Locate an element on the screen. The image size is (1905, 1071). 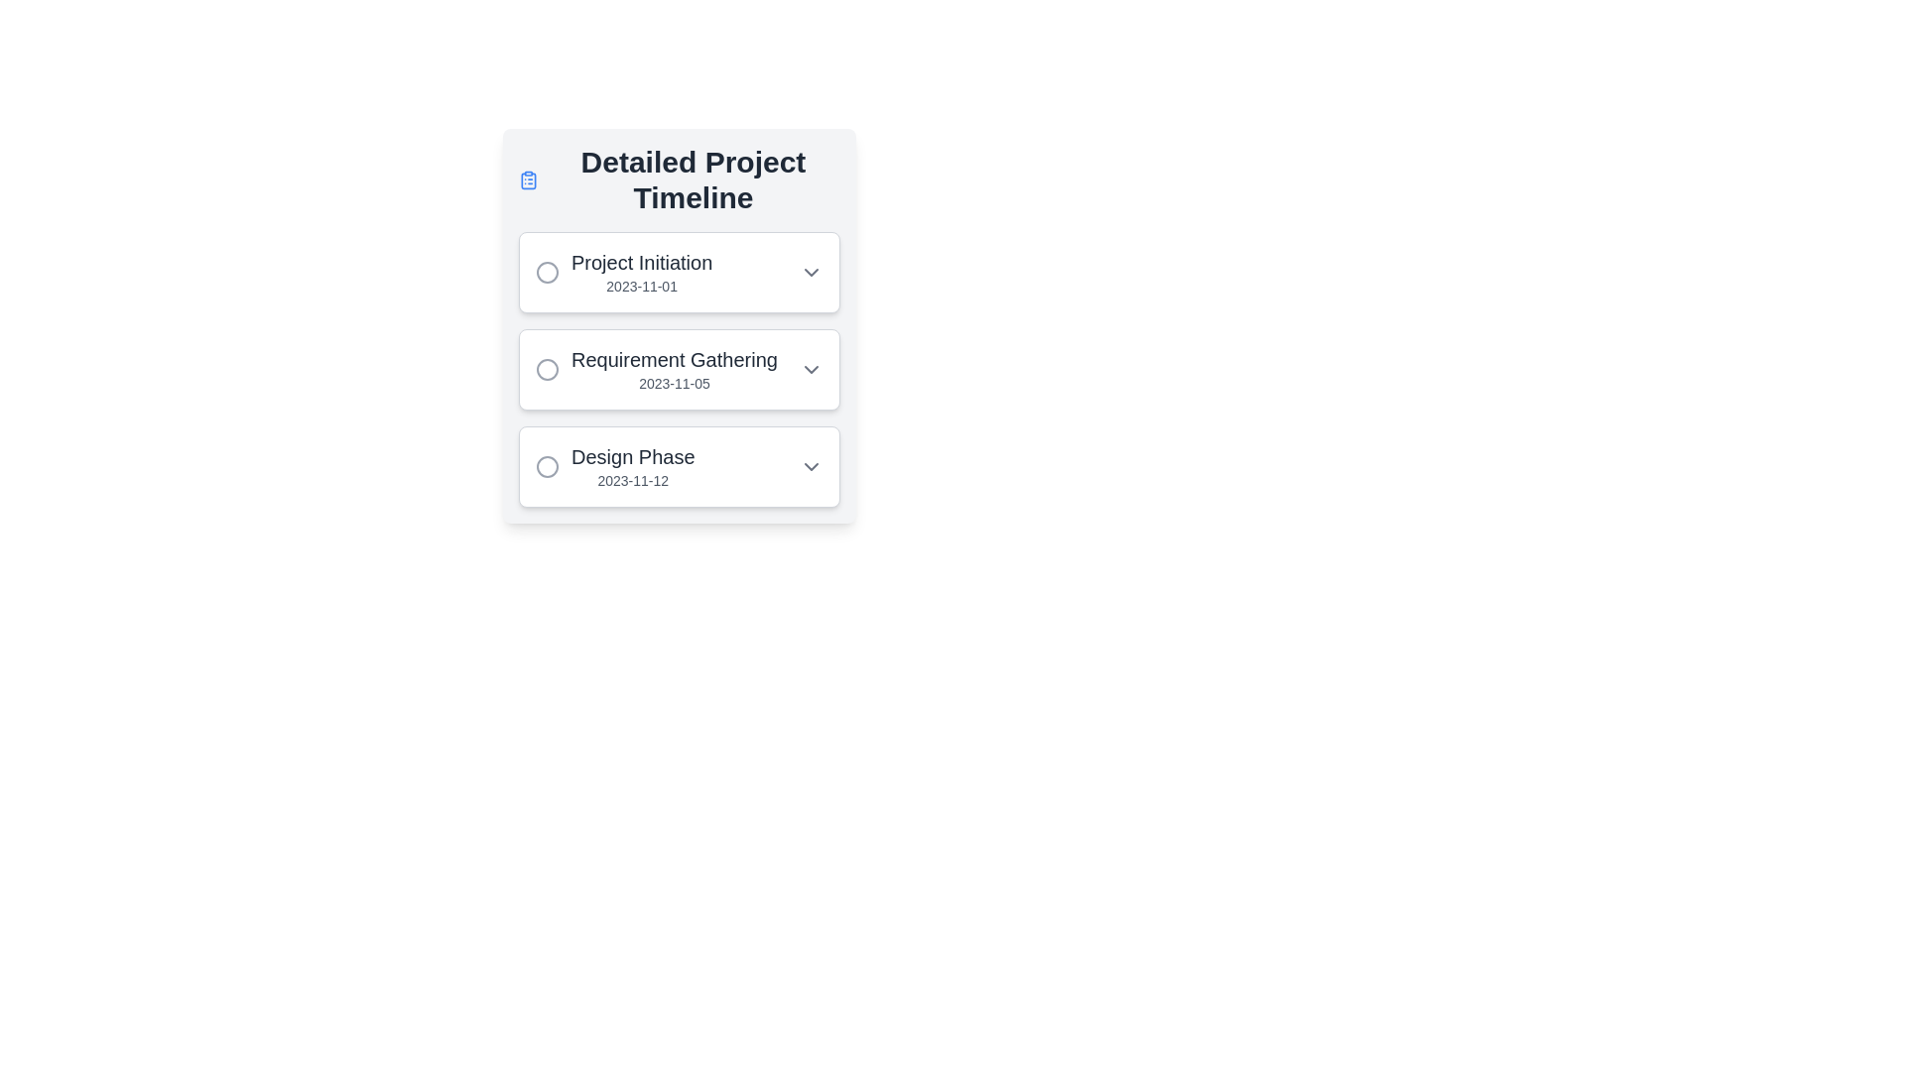
the first item is located at coordinates (642, 272).